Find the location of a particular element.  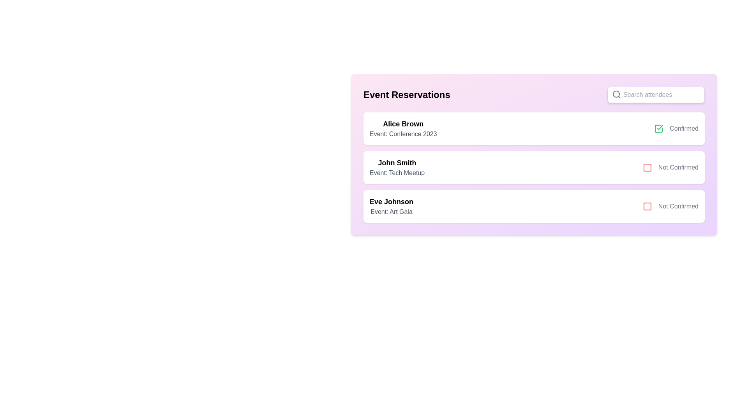

the participant name text label located below the 'Event Reservations' header in the second reservation entry is located at coordinates (397, 163).